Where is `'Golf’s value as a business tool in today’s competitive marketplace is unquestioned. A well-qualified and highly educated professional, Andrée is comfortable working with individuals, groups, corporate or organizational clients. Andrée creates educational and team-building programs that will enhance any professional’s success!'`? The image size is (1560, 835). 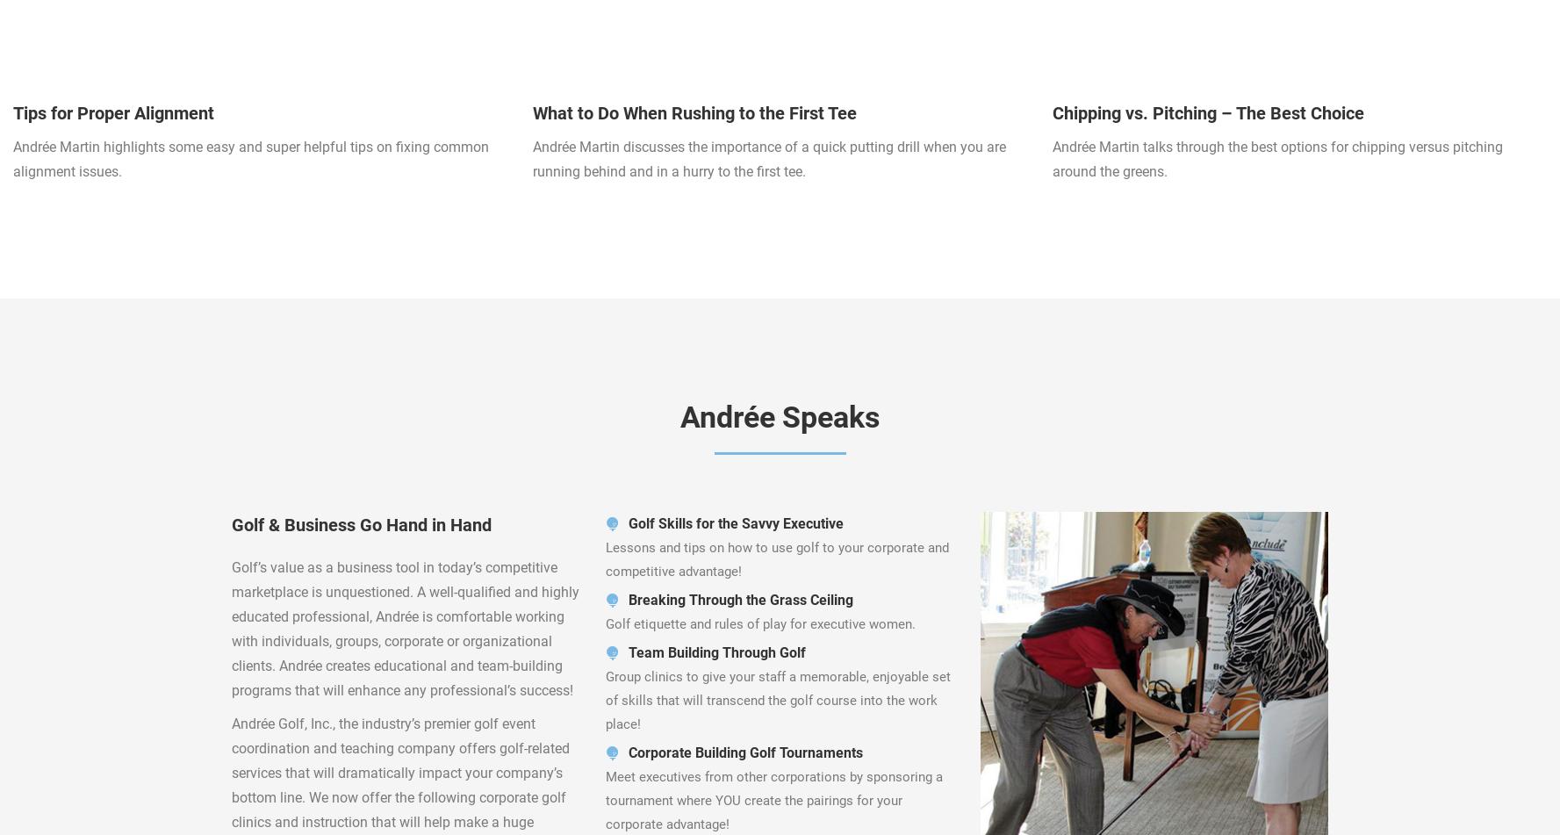 'Golf’s value as a business tool in today’s competitive marketplace is unquestioned. A well-qualified and highly educated professional, Andrée is comfortable working with individuals, groups, corporate or organizational clients. Andrée creates educational and team-building programs that will enhance any professional’s success!' is located at coordinates (403, 628).